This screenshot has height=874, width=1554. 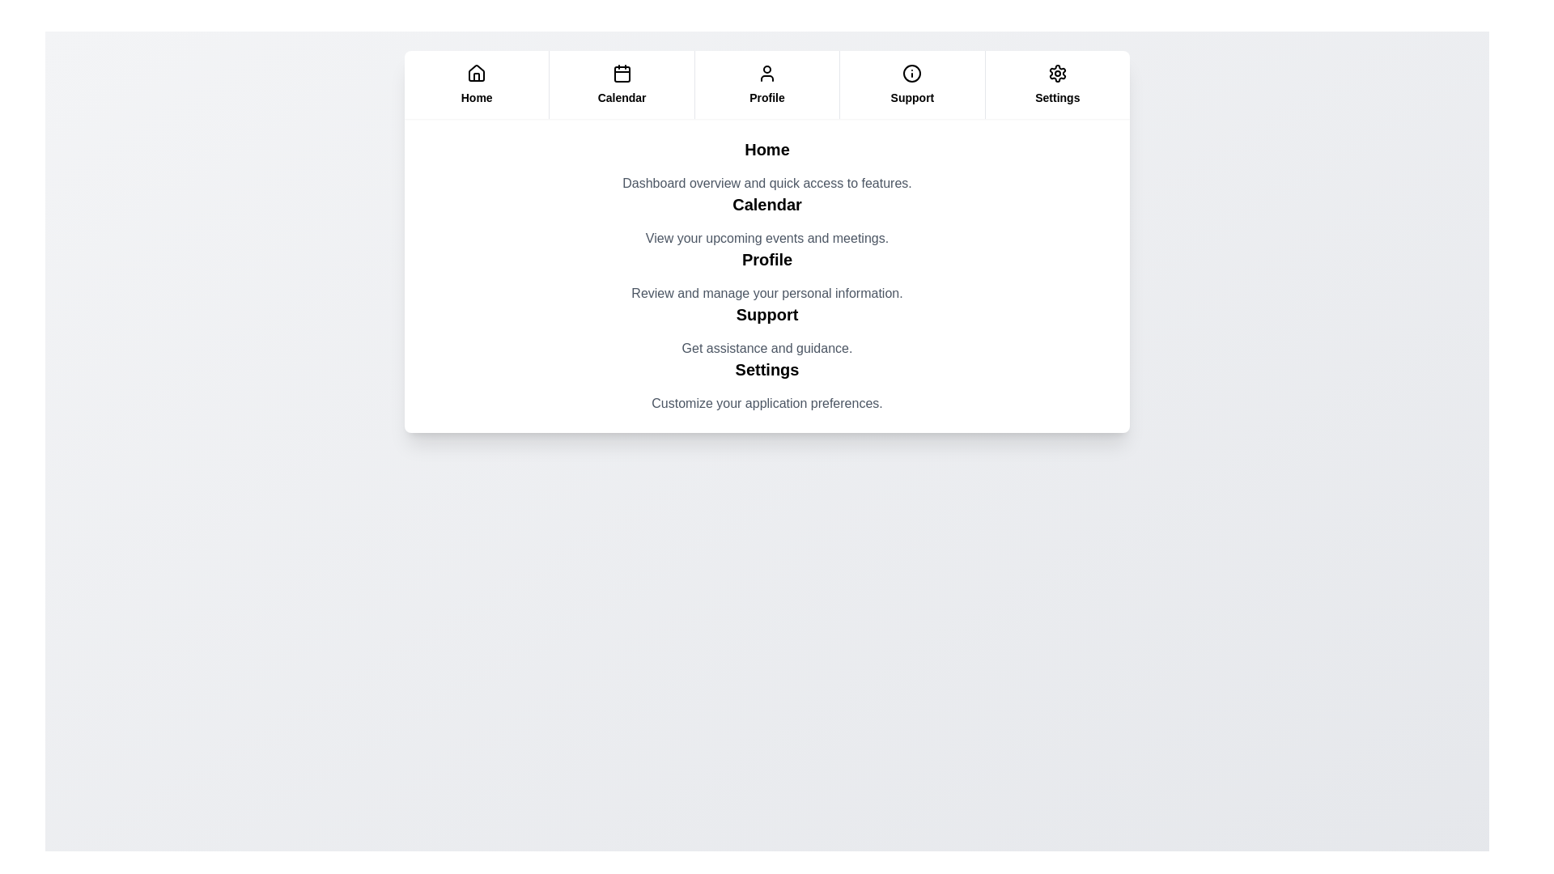 I want to click on descriptive text label located below the heading 'Settings', which provides information about customizing application preferences, so click(x=766, y=402).